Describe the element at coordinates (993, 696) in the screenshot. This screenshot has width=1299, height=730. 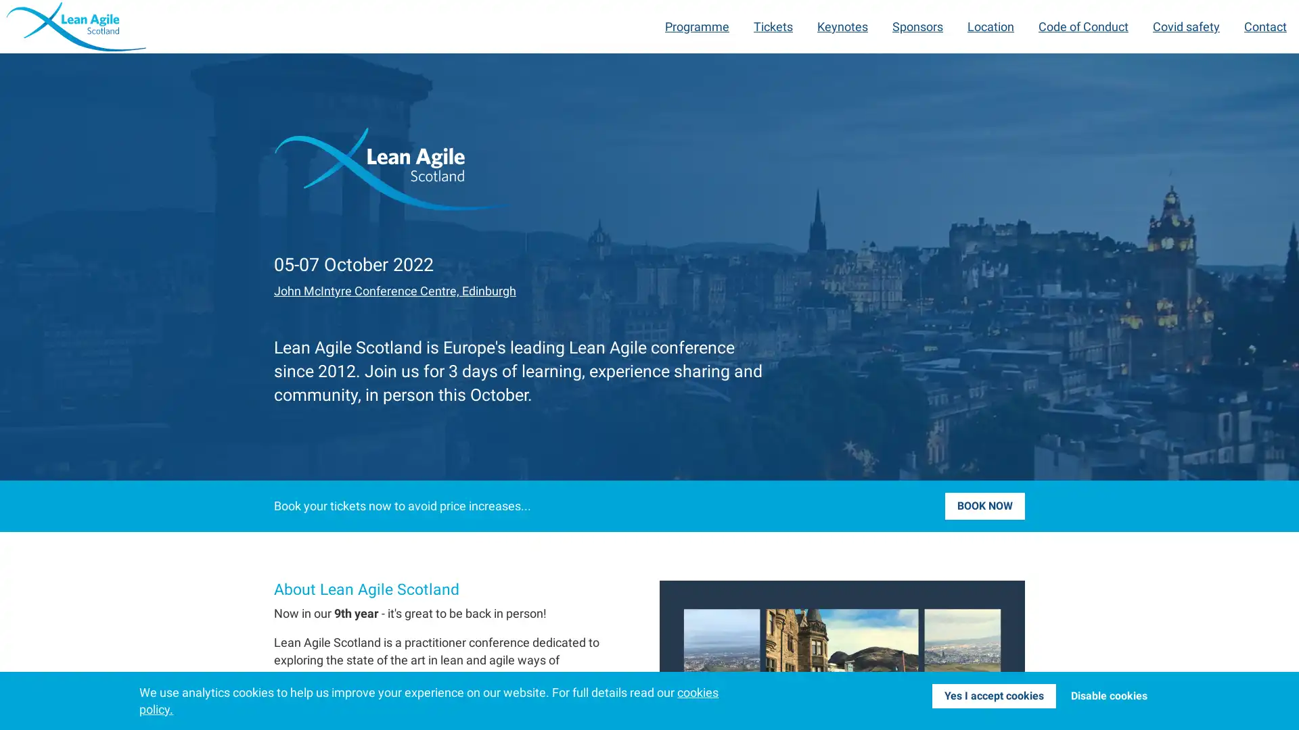
I see `Yes I accept cookies` at that location.